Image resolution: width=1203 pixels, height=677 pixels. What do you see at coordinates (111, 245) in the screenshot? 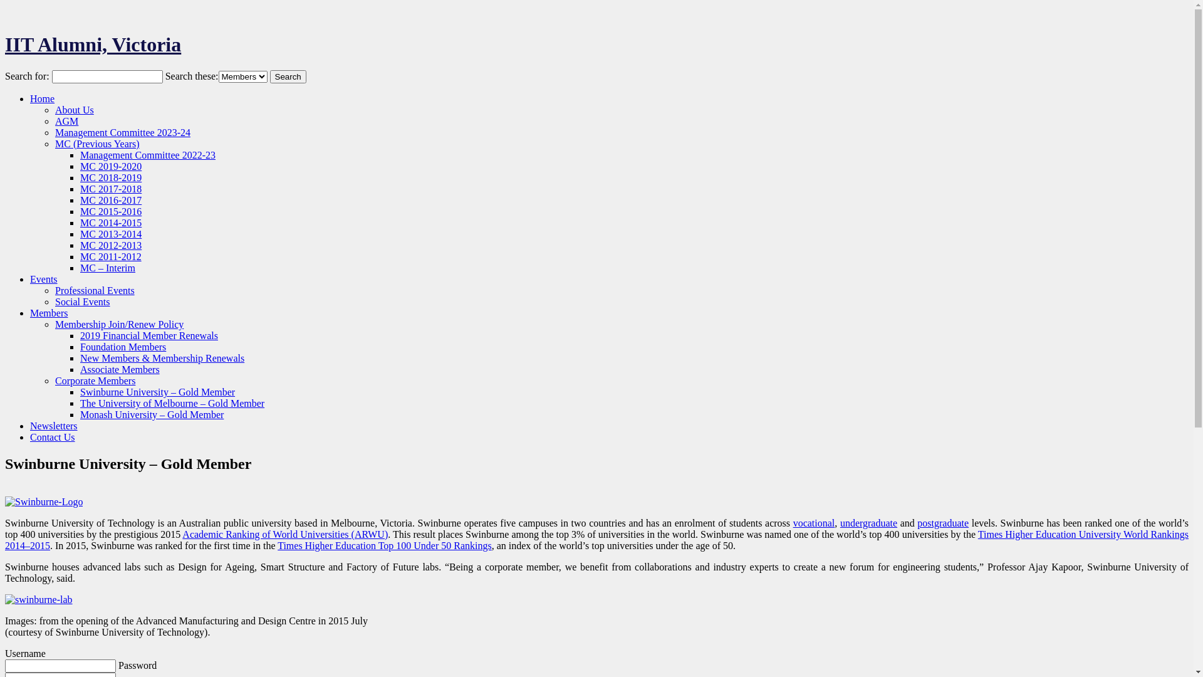
I see `'MC 2012-2013'` at bounding box center [111, 245].